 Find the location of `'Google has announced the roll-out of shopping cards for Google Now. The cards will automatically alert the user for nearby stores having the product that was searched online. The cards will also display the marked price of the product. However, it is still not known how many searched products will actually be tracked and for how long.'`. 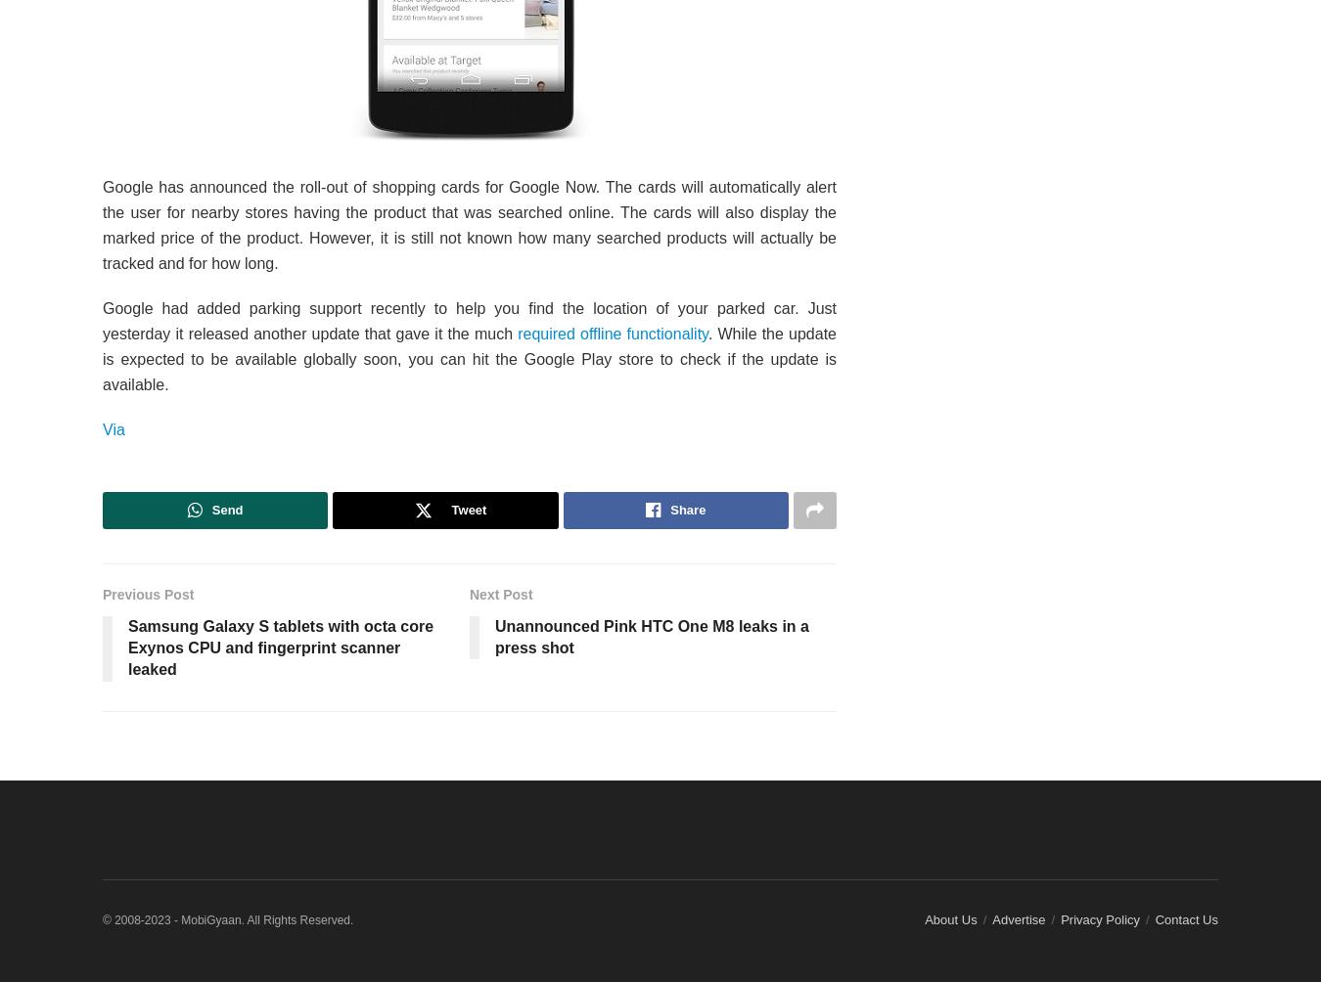

'Google has announced the roll-out of shopping cards for Google Now. The cards will automatically alert the user for nearby stores having the product that was searched online. The cards will also display the marked price of the product. However, it is still not known how many searched products will actually be tracked and for how long.' is located at coordinates (469, 224).